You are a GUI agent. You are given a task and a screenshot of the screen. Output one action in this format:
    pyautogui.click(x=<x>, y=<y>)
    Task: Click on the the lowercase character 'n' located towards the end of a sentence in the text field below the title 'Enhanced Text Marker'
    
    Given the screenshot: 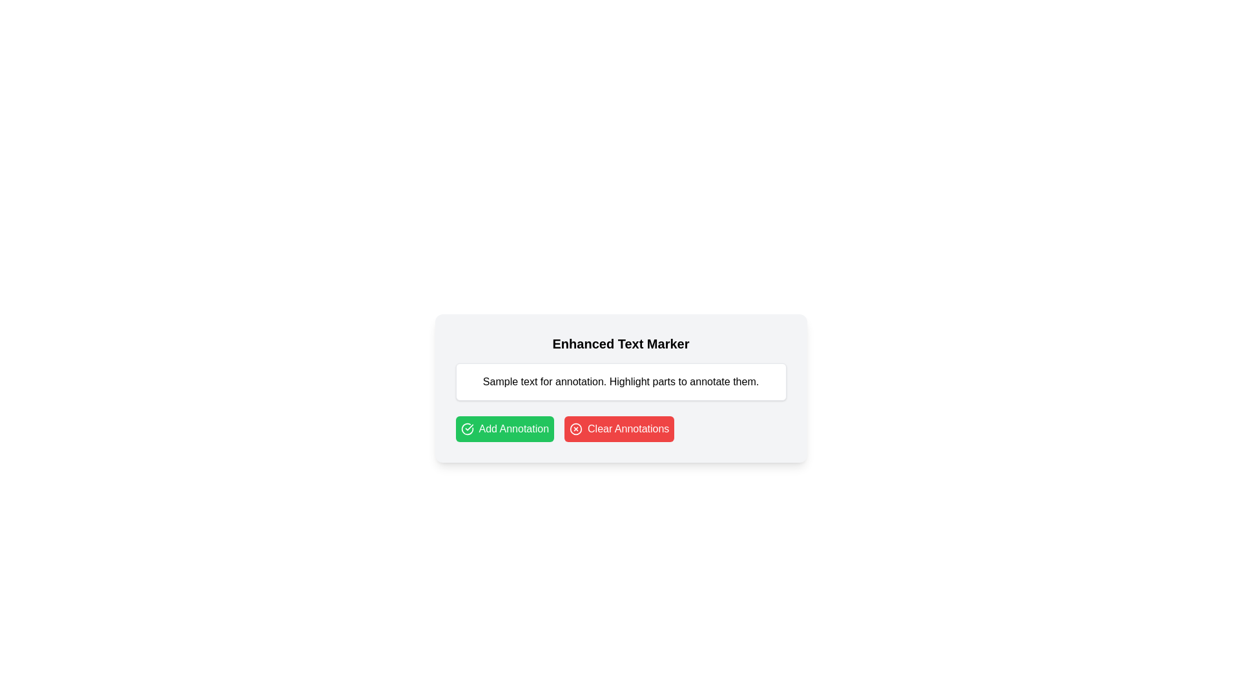 What is the action you would take?
    pyautogui.click(x=703, y=381)
    